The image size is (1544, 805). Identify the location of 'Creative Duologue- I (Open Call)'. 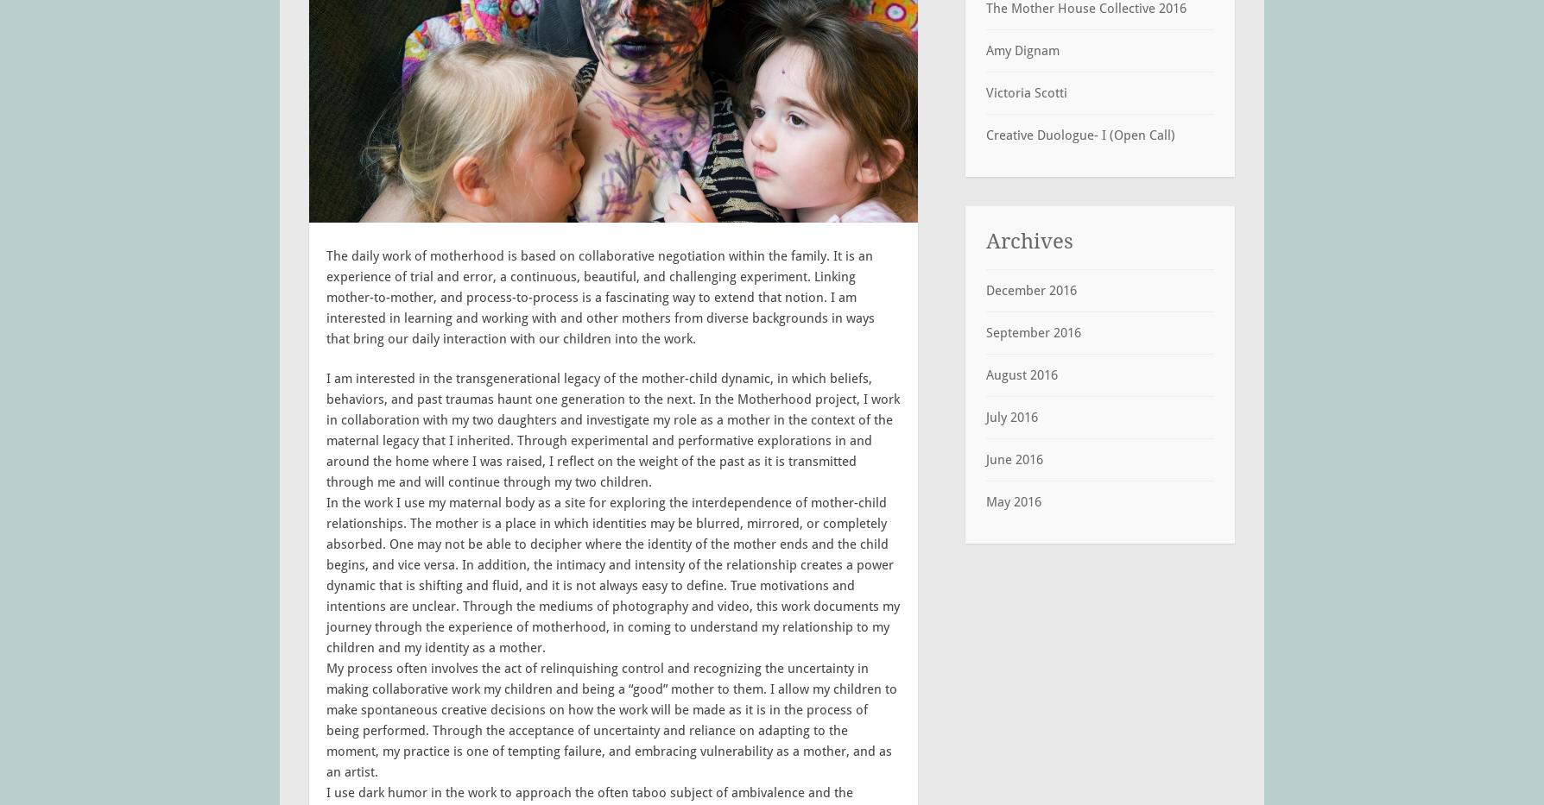
(1079, 133).